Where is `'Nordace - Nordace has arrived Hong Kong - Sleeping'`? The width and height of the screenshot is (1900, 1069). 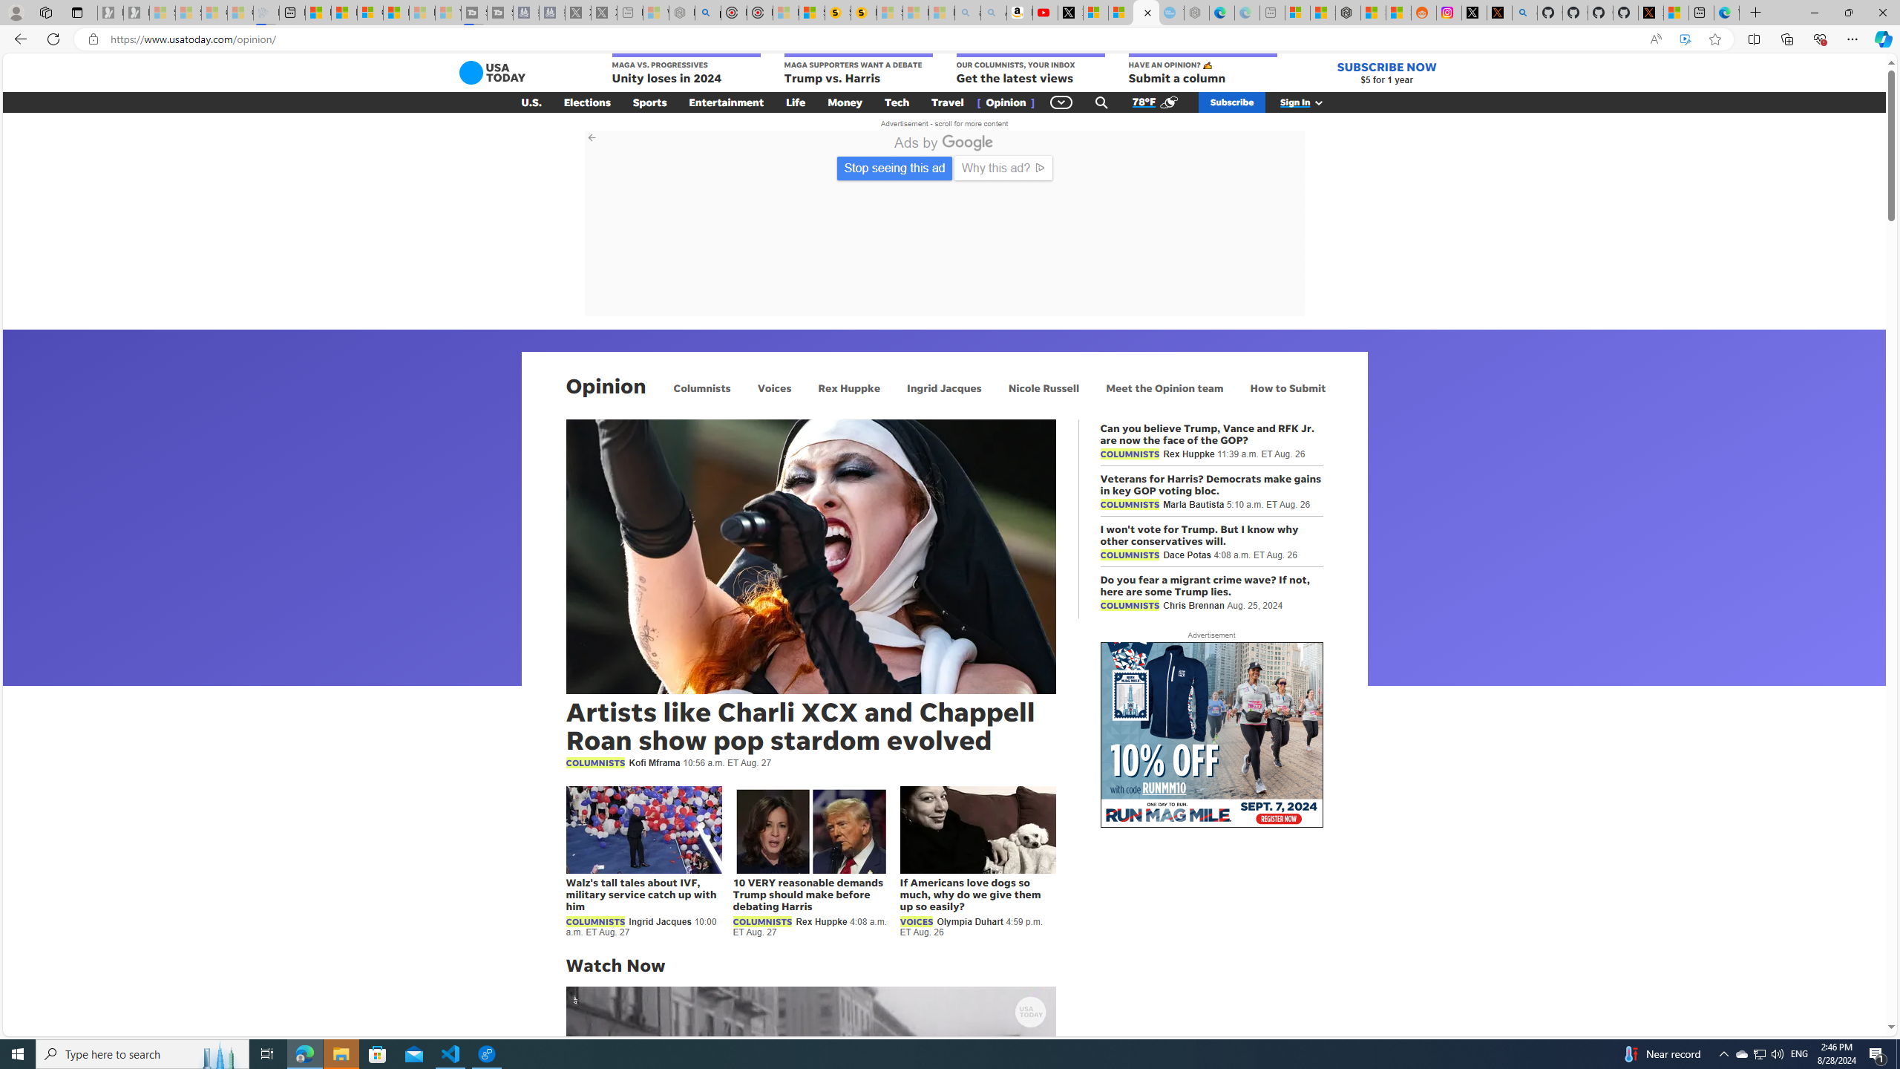 'Nordace - Nordace has arrived Hong Kong - Sleeping' is located at coordinates (1196, 12).